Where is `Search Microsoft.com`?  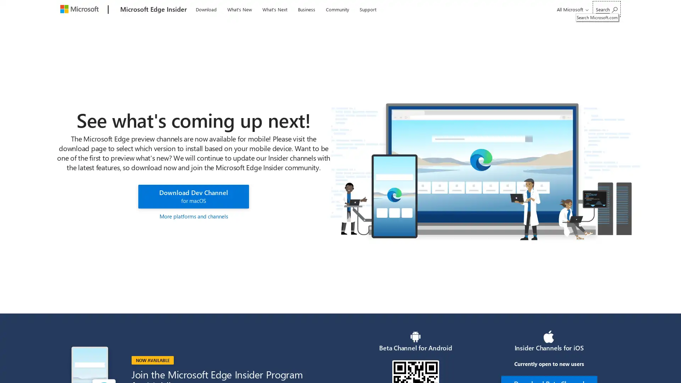 Search Microsoft.com is located at coordinates (606, 9).